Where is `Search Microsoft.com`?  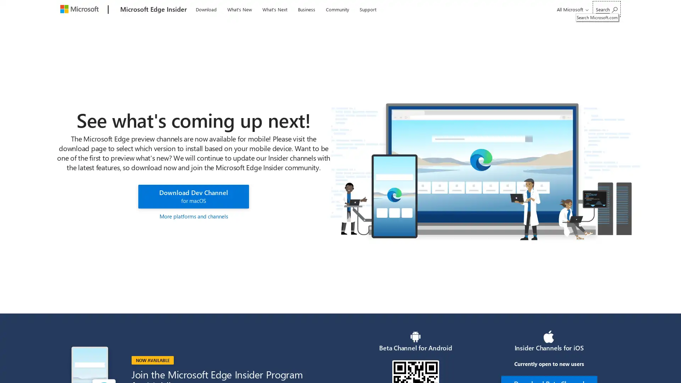 Search Microsoft.com is located at coordinates (606, 9).